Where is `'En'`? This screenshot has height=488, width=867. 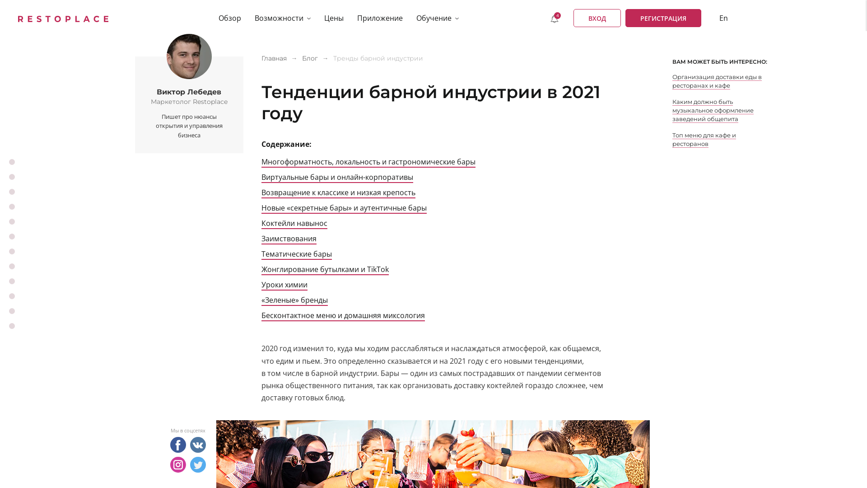 'En' is located at coordinates (723, 18).